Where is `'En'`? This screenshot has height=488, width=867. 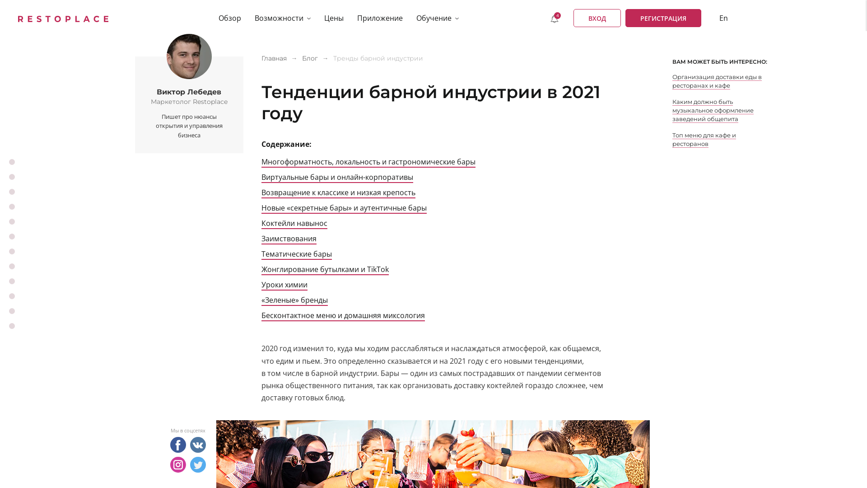 'En' is located at coordinates (723, 18).